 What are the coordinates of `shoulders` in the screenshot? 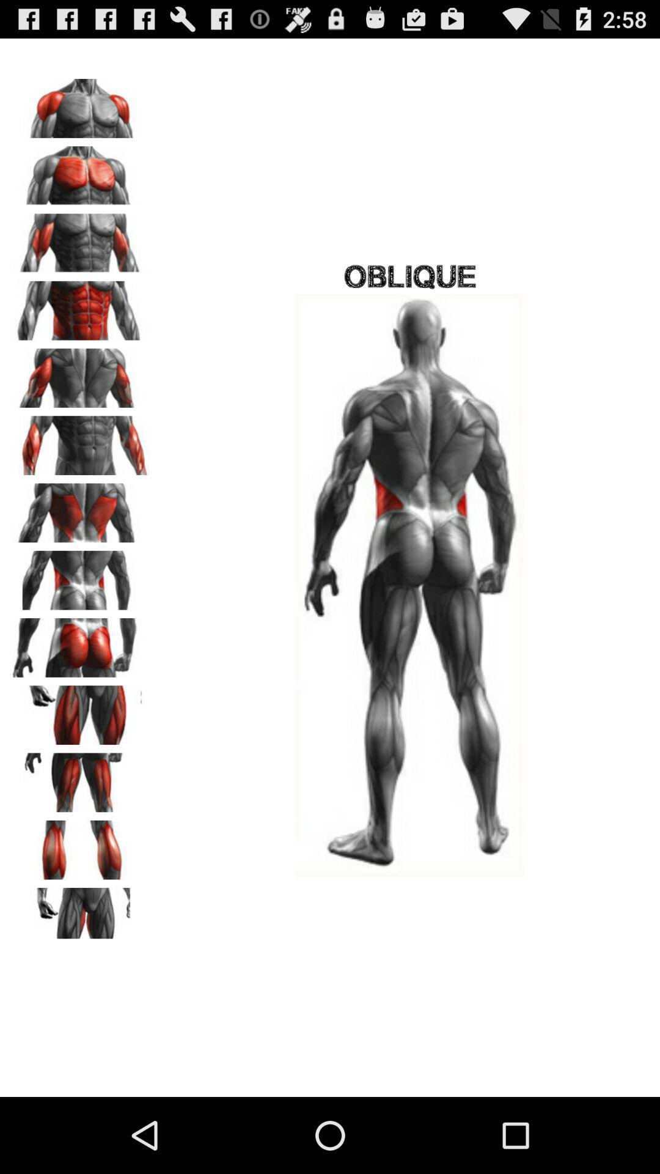 It's located at (80, 104).